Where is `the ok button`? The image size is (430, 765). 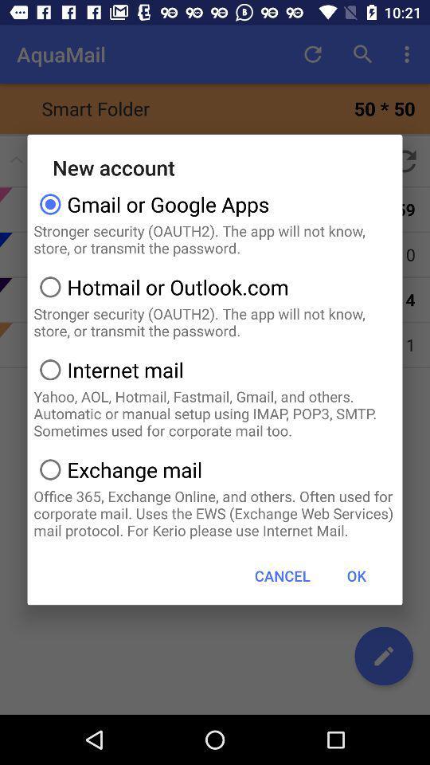
the ok button is located at coordinates (356, 575).